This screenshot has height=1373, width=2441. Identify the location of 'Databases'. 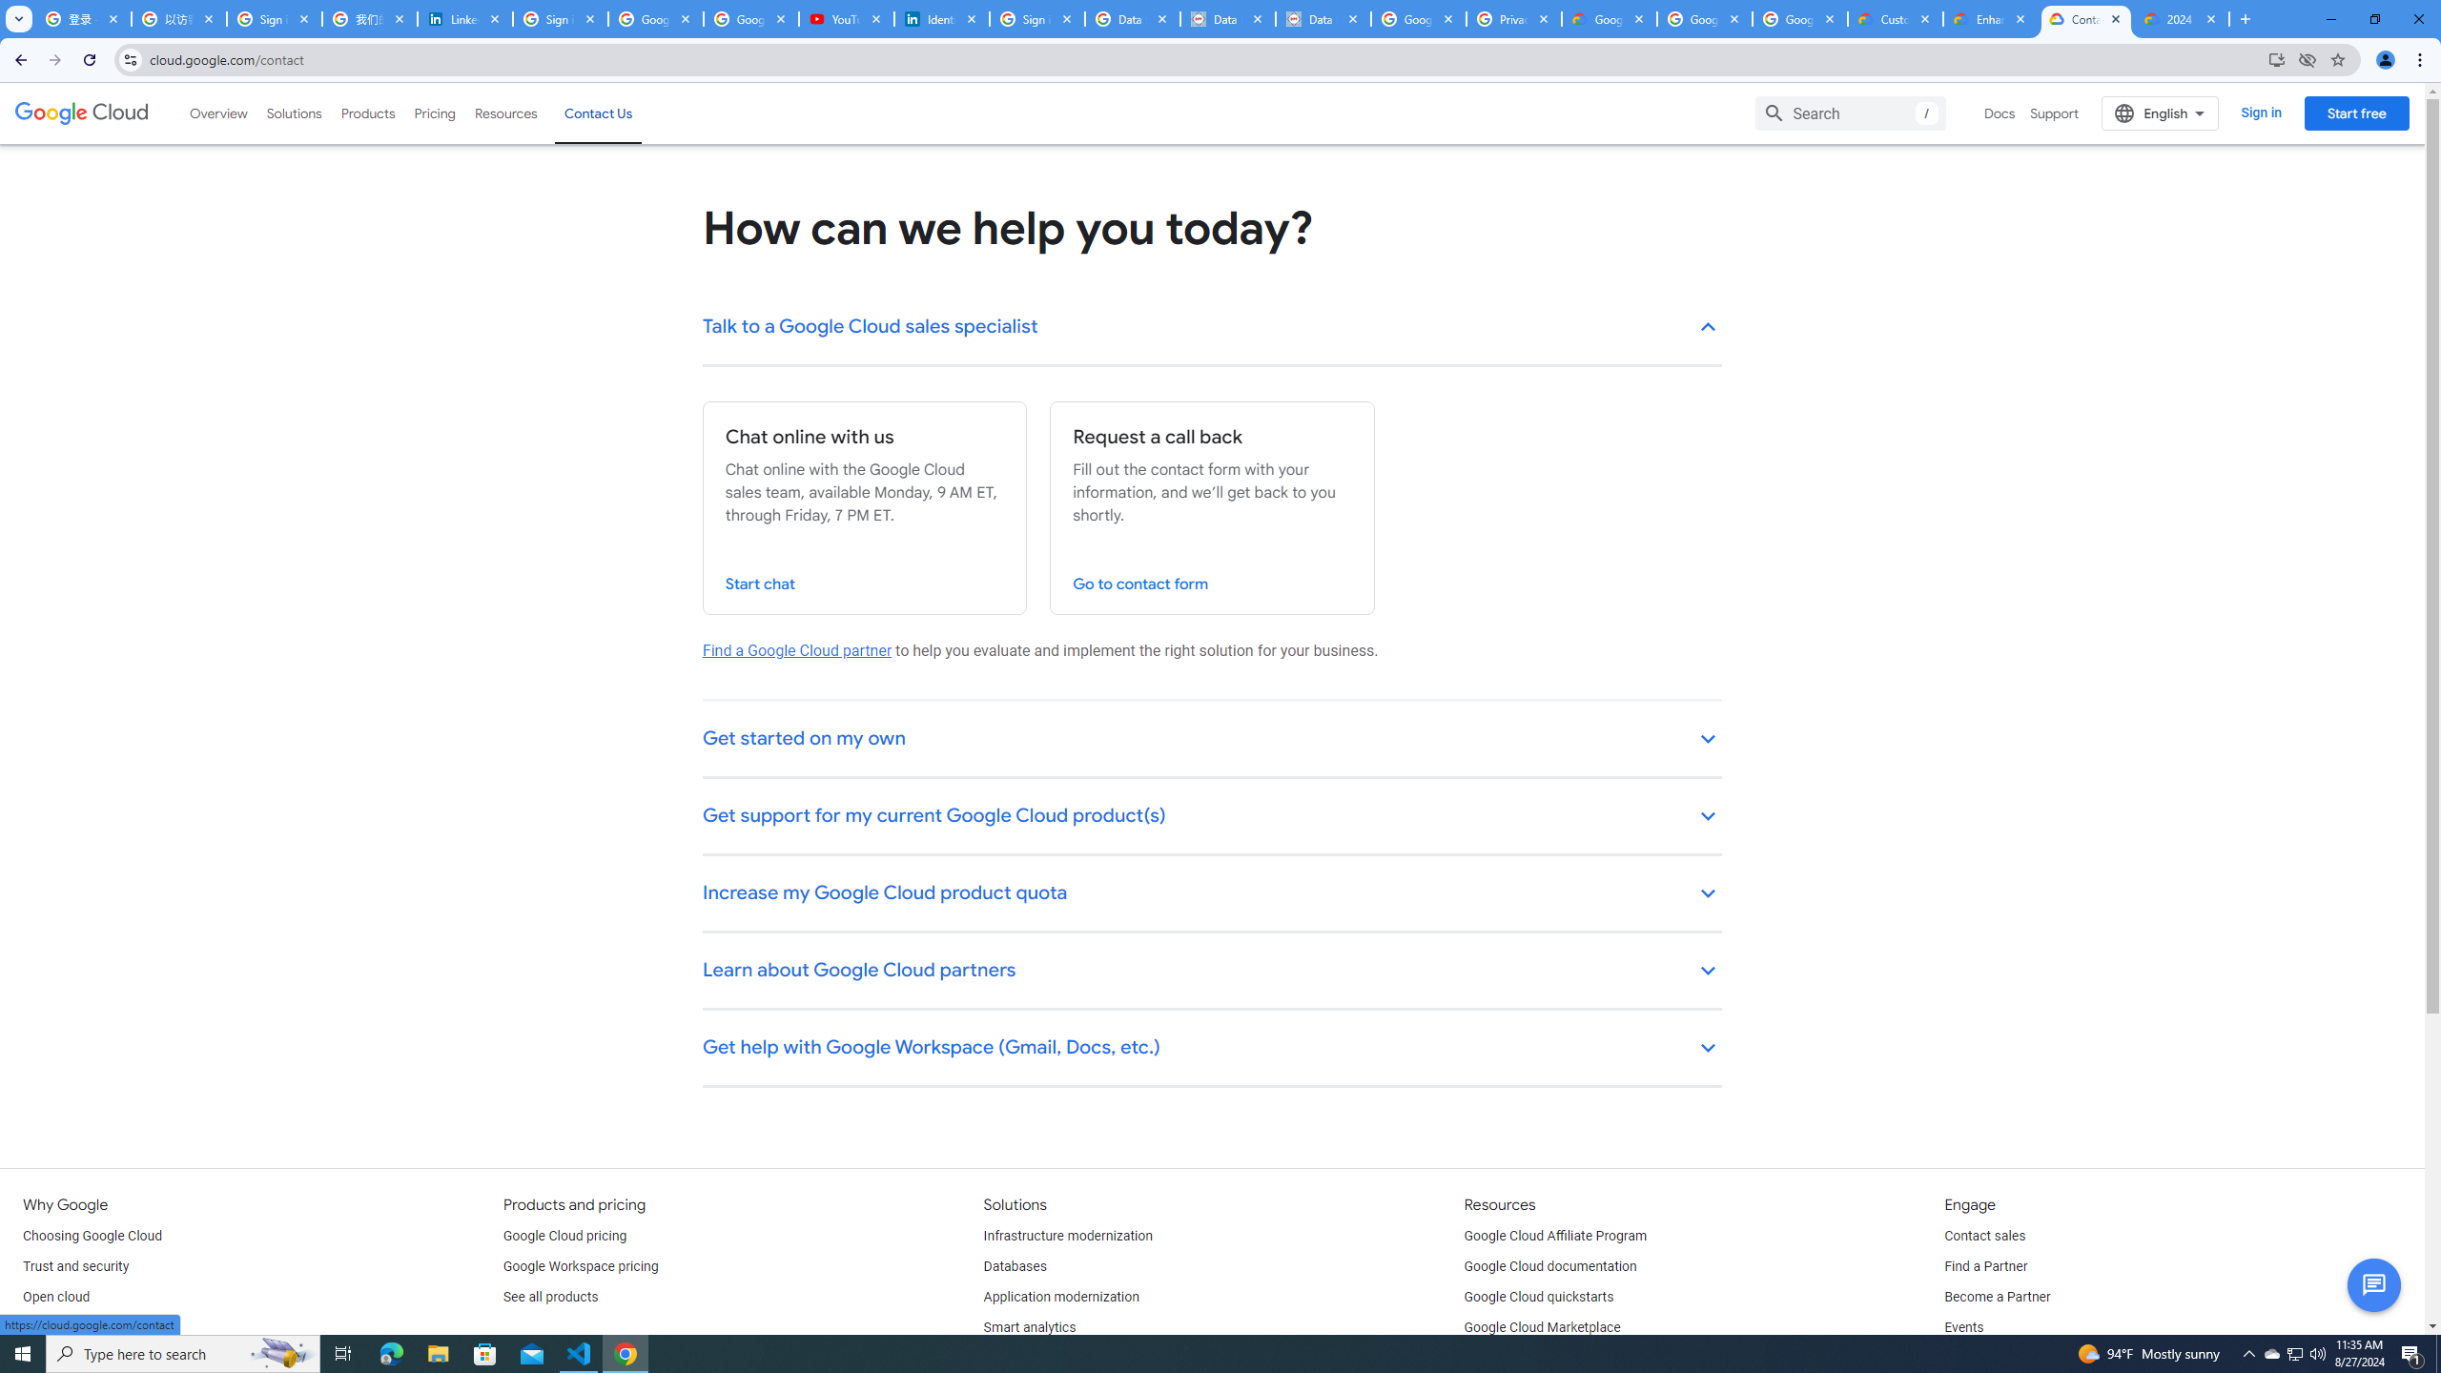
(1014, 1266).